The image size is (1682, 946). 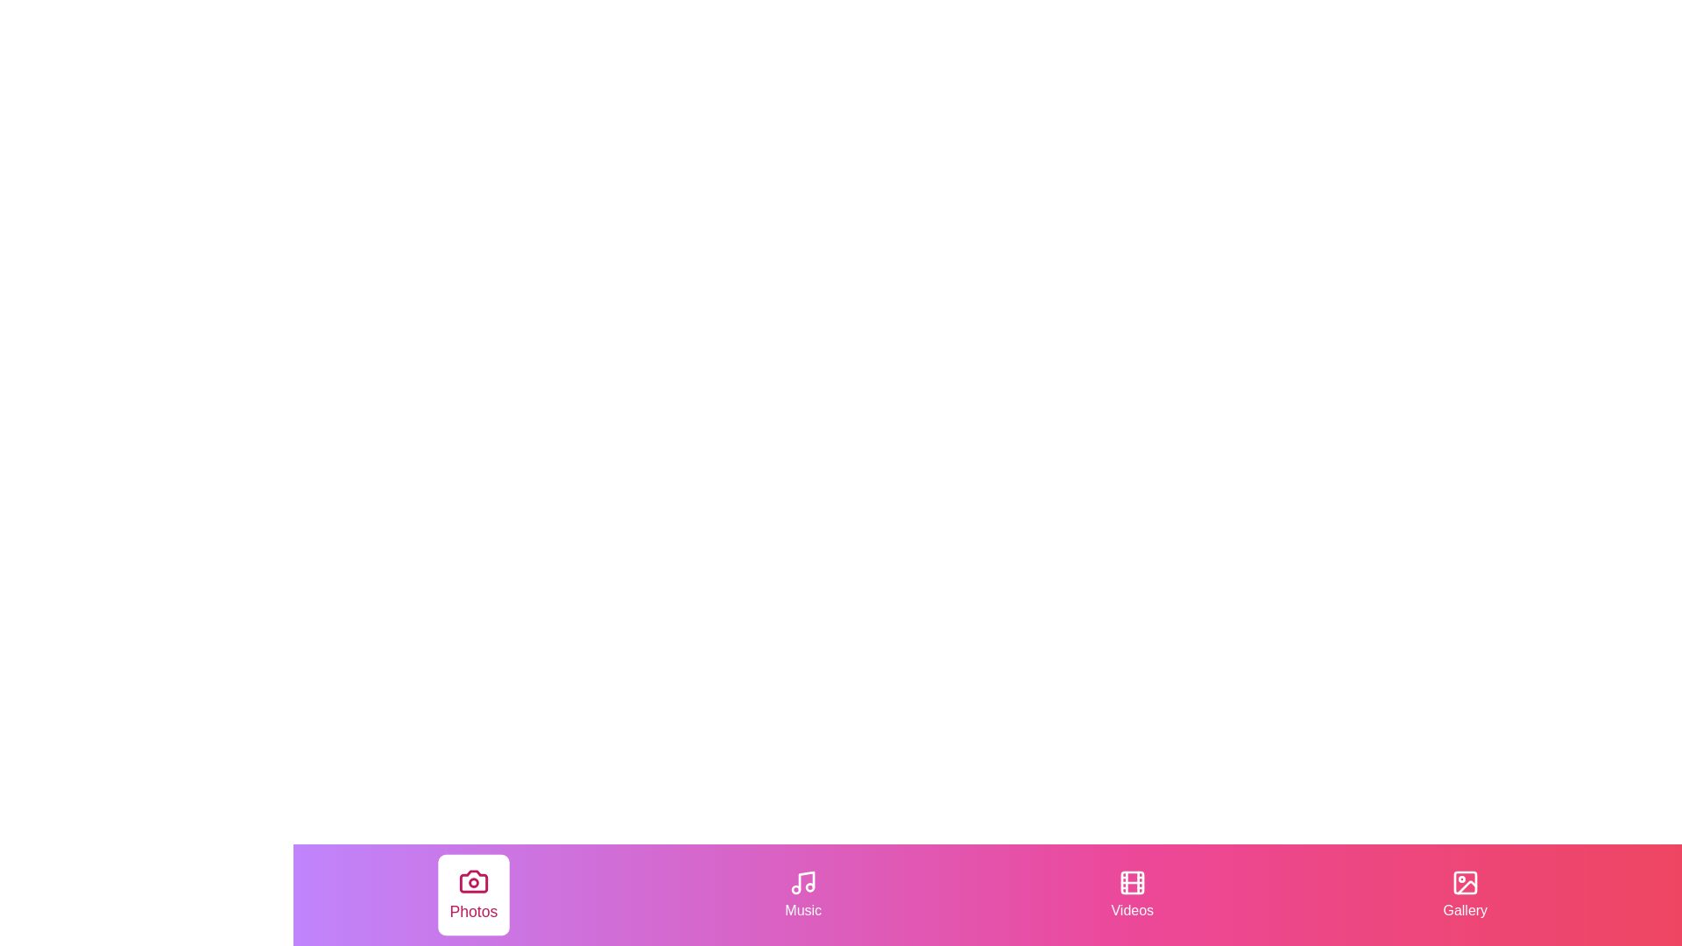 I want to click on the Gallery tab by clicking on its corresponding button, so click(x=1465, y=895).